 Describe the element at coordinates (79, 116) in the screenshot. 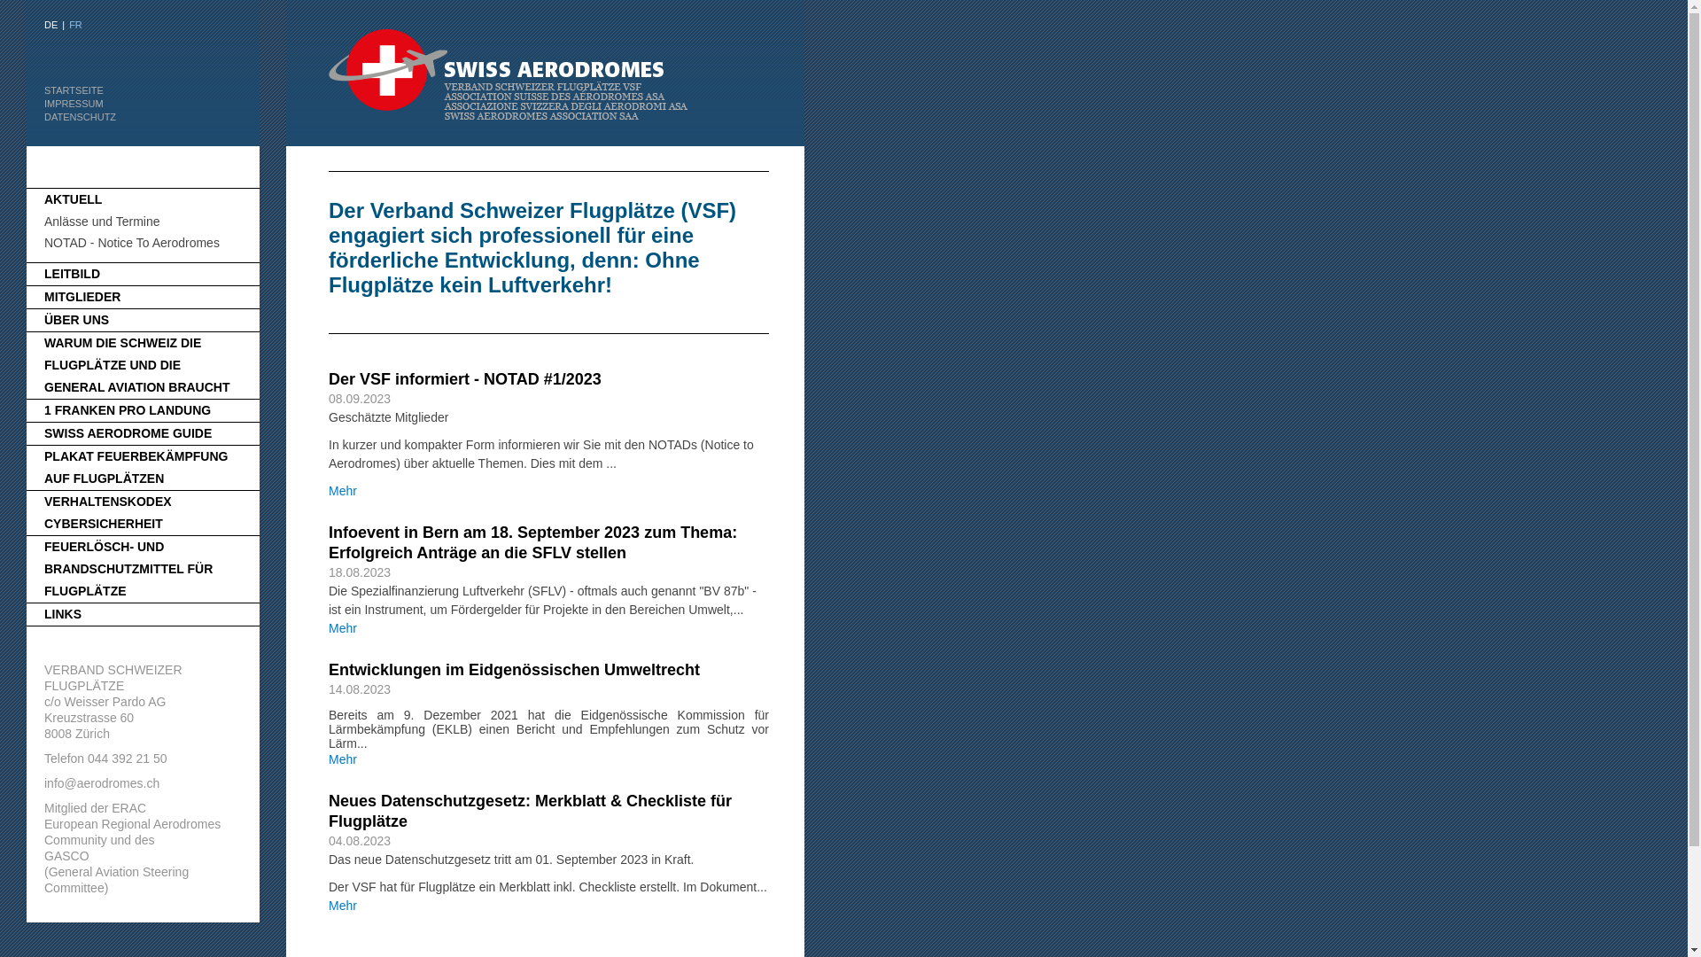

I see `'DATENSCHUTZ'` at that location.